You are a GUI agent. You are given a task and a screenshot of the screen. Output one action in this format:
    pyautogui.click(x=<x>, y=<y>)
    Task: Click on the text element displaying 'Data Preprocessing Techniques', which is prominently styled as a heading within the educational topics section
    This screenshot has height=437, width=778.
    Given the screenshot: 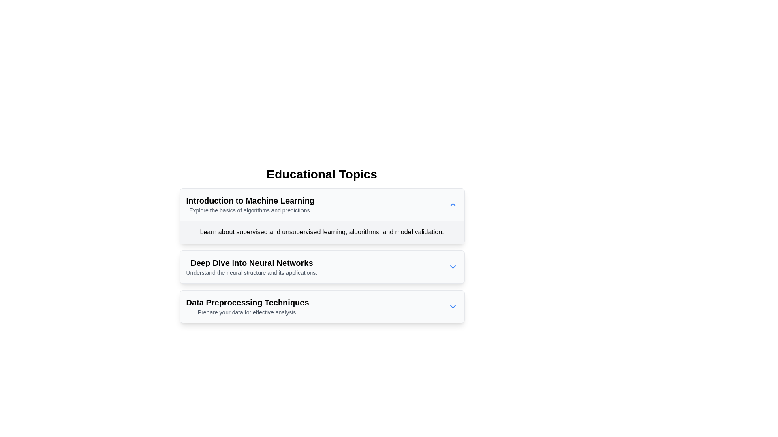 What is the action you would take?
    pyautogui.click(x=247, y=303)
    